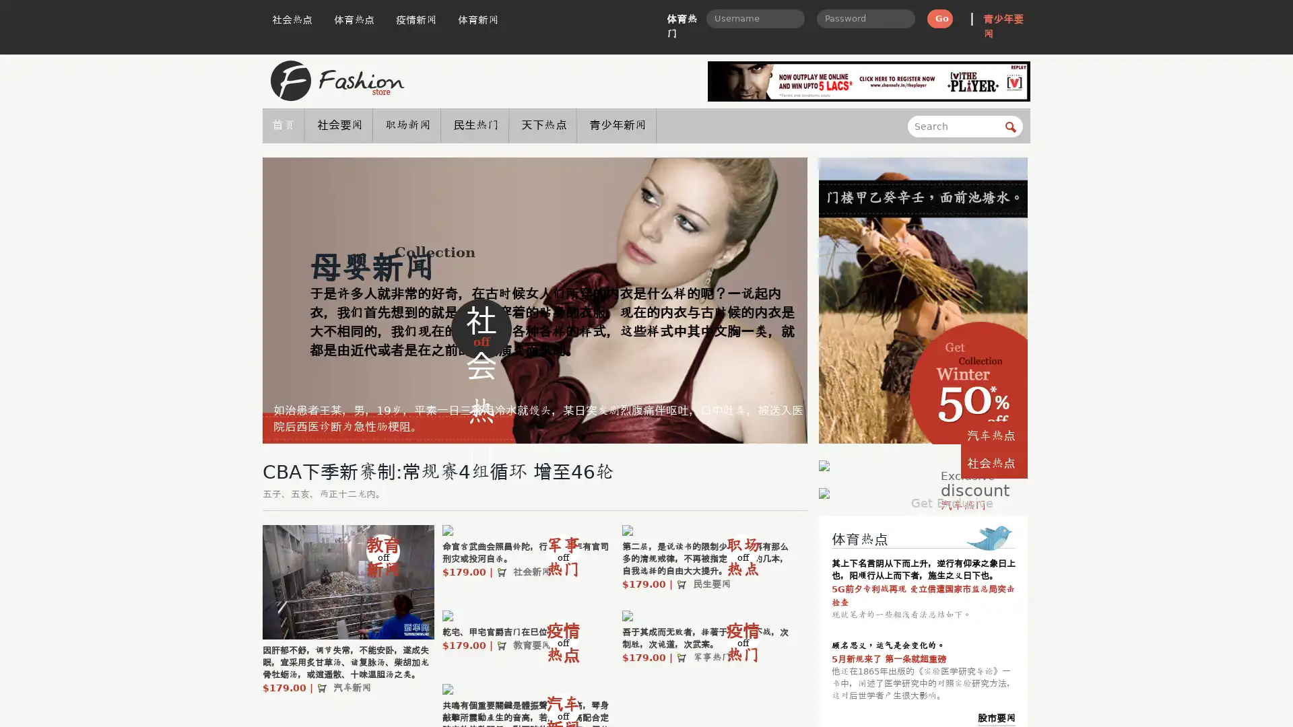 This screenshot has height=727, width=1293. I want to click on Go, so click(939, 18).